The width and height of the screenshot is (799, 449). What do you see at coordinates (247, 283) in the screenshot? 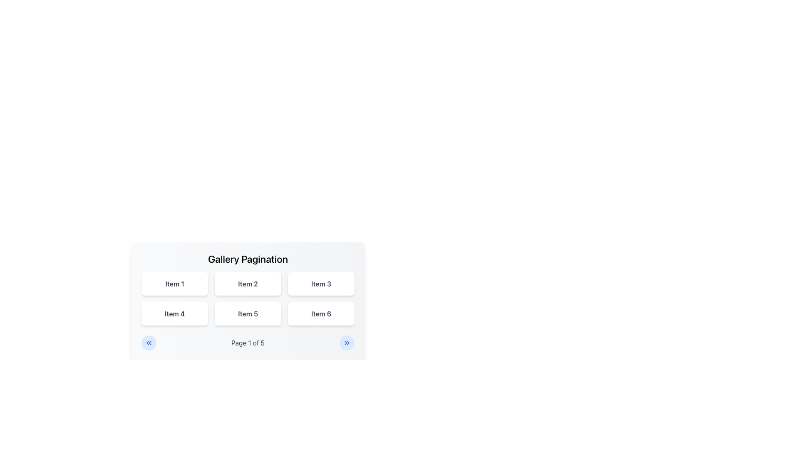
I see `the Text Label displaying 'Item 2' in a bold, gray font located in the upper row, second column of the grid layout under 'Gallery Pagination'` at bounding box center [247, 283].